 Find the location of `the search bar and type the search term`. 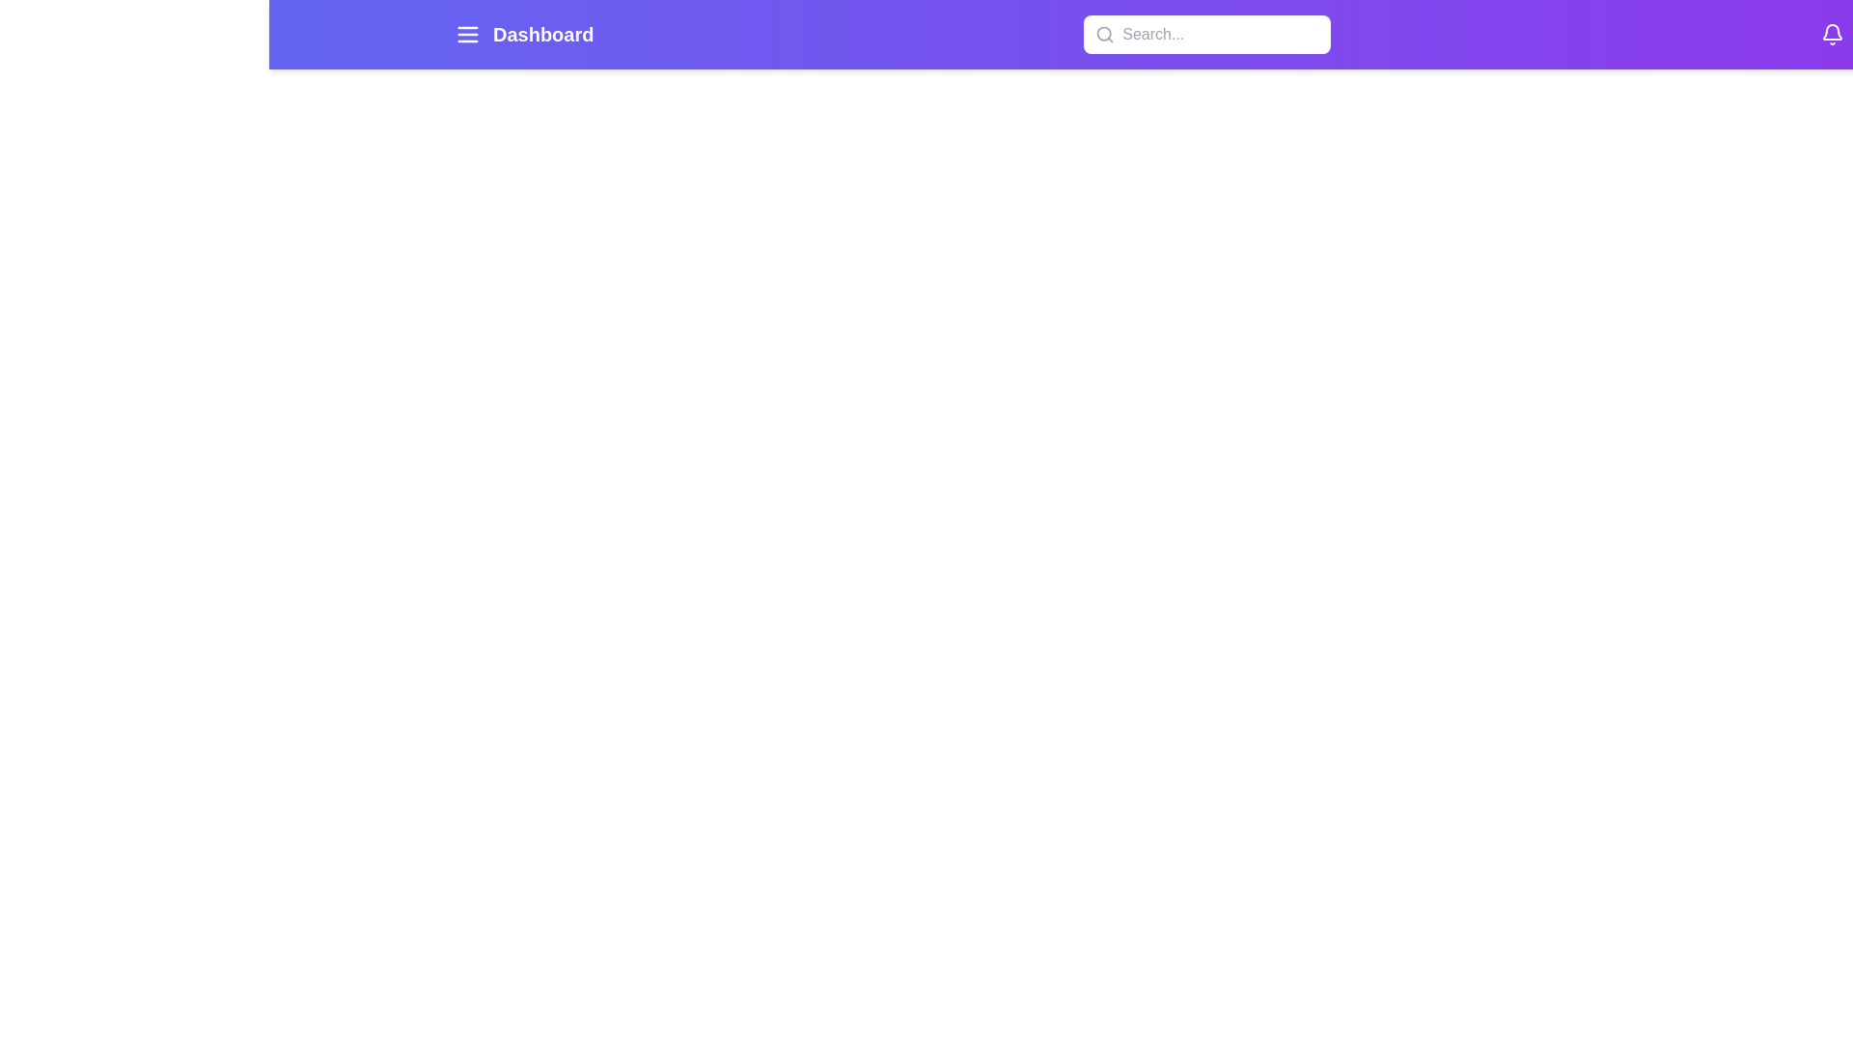

the search bar and type the search term is located at coordinates (1206, 34).